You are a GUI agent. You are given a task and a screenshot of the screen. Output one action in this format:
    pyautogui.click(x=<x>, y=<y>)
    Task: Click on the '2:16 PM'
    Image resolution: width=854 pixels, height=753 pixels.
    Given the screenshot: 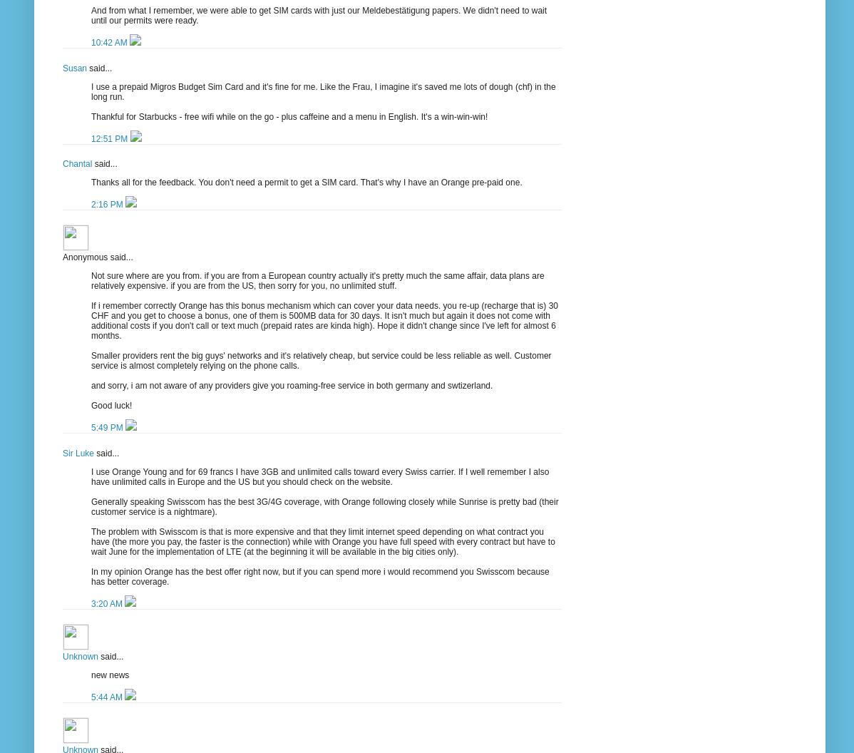 What is the action you would take?
    pyautogui.click(x=108, y=203)
    